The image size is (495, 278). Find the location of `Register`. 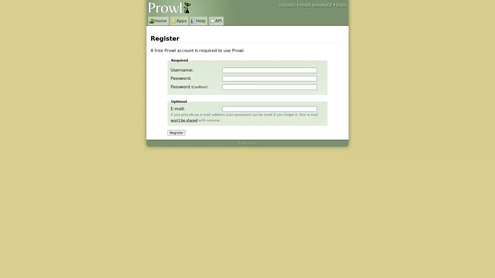

Register is located at coordinates (176, 132).